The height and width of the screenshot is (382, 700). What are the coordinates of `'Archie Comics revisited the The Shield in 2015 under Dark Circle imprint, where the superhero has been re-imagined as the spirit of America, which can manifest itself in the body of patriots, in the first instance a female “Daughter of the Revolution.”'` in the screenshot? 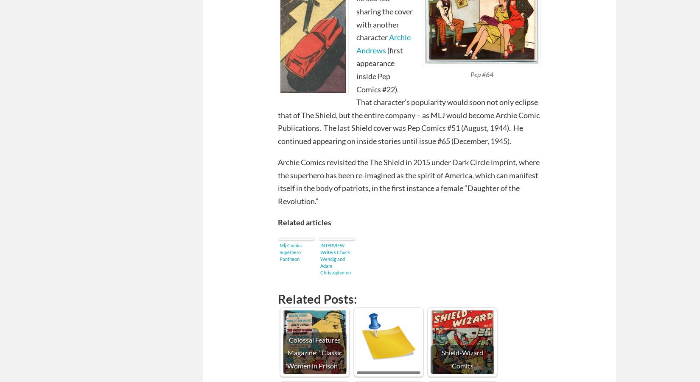 It's located at (409, 181).